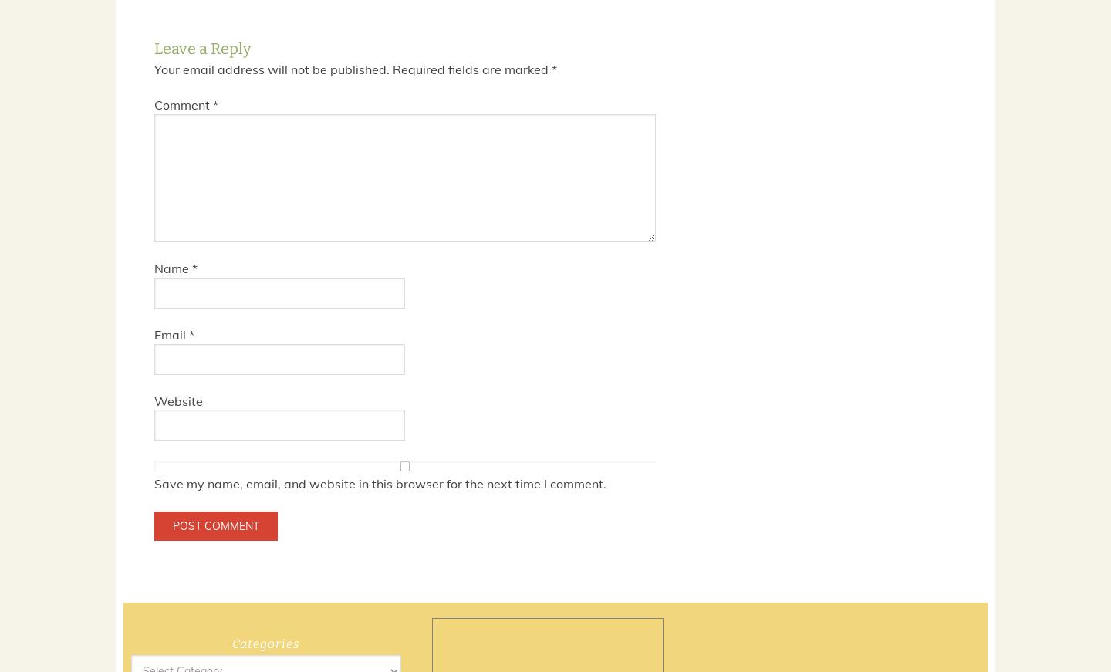 Image resolution: width=1111 pixels, height=672 pixels. Describe the element at coordinates (178, 400) in the screenshot. I see `'Website'` at that location.